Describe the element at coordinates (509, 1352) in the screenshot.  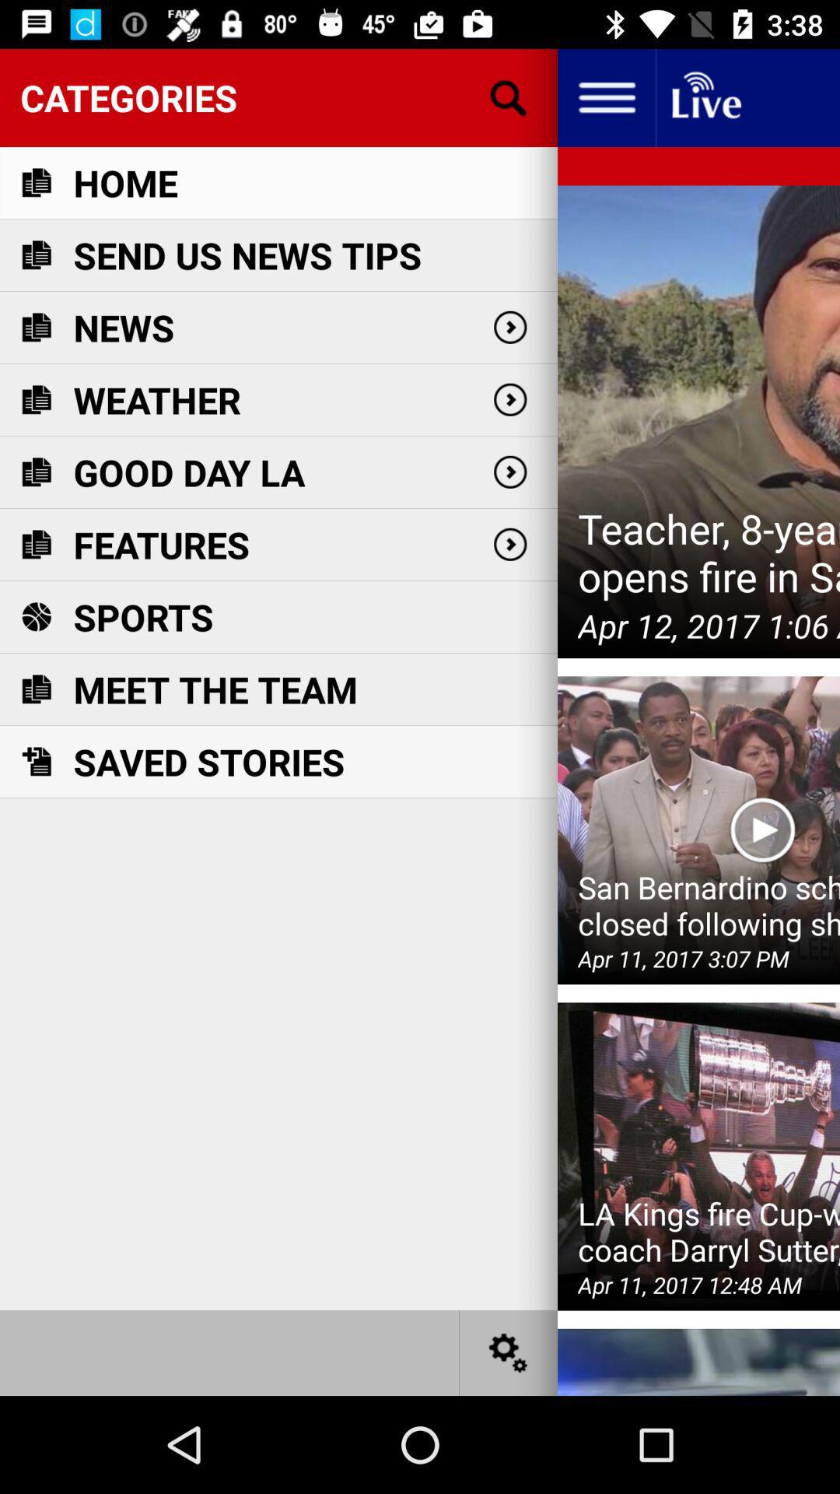
I see `setting` at that location.